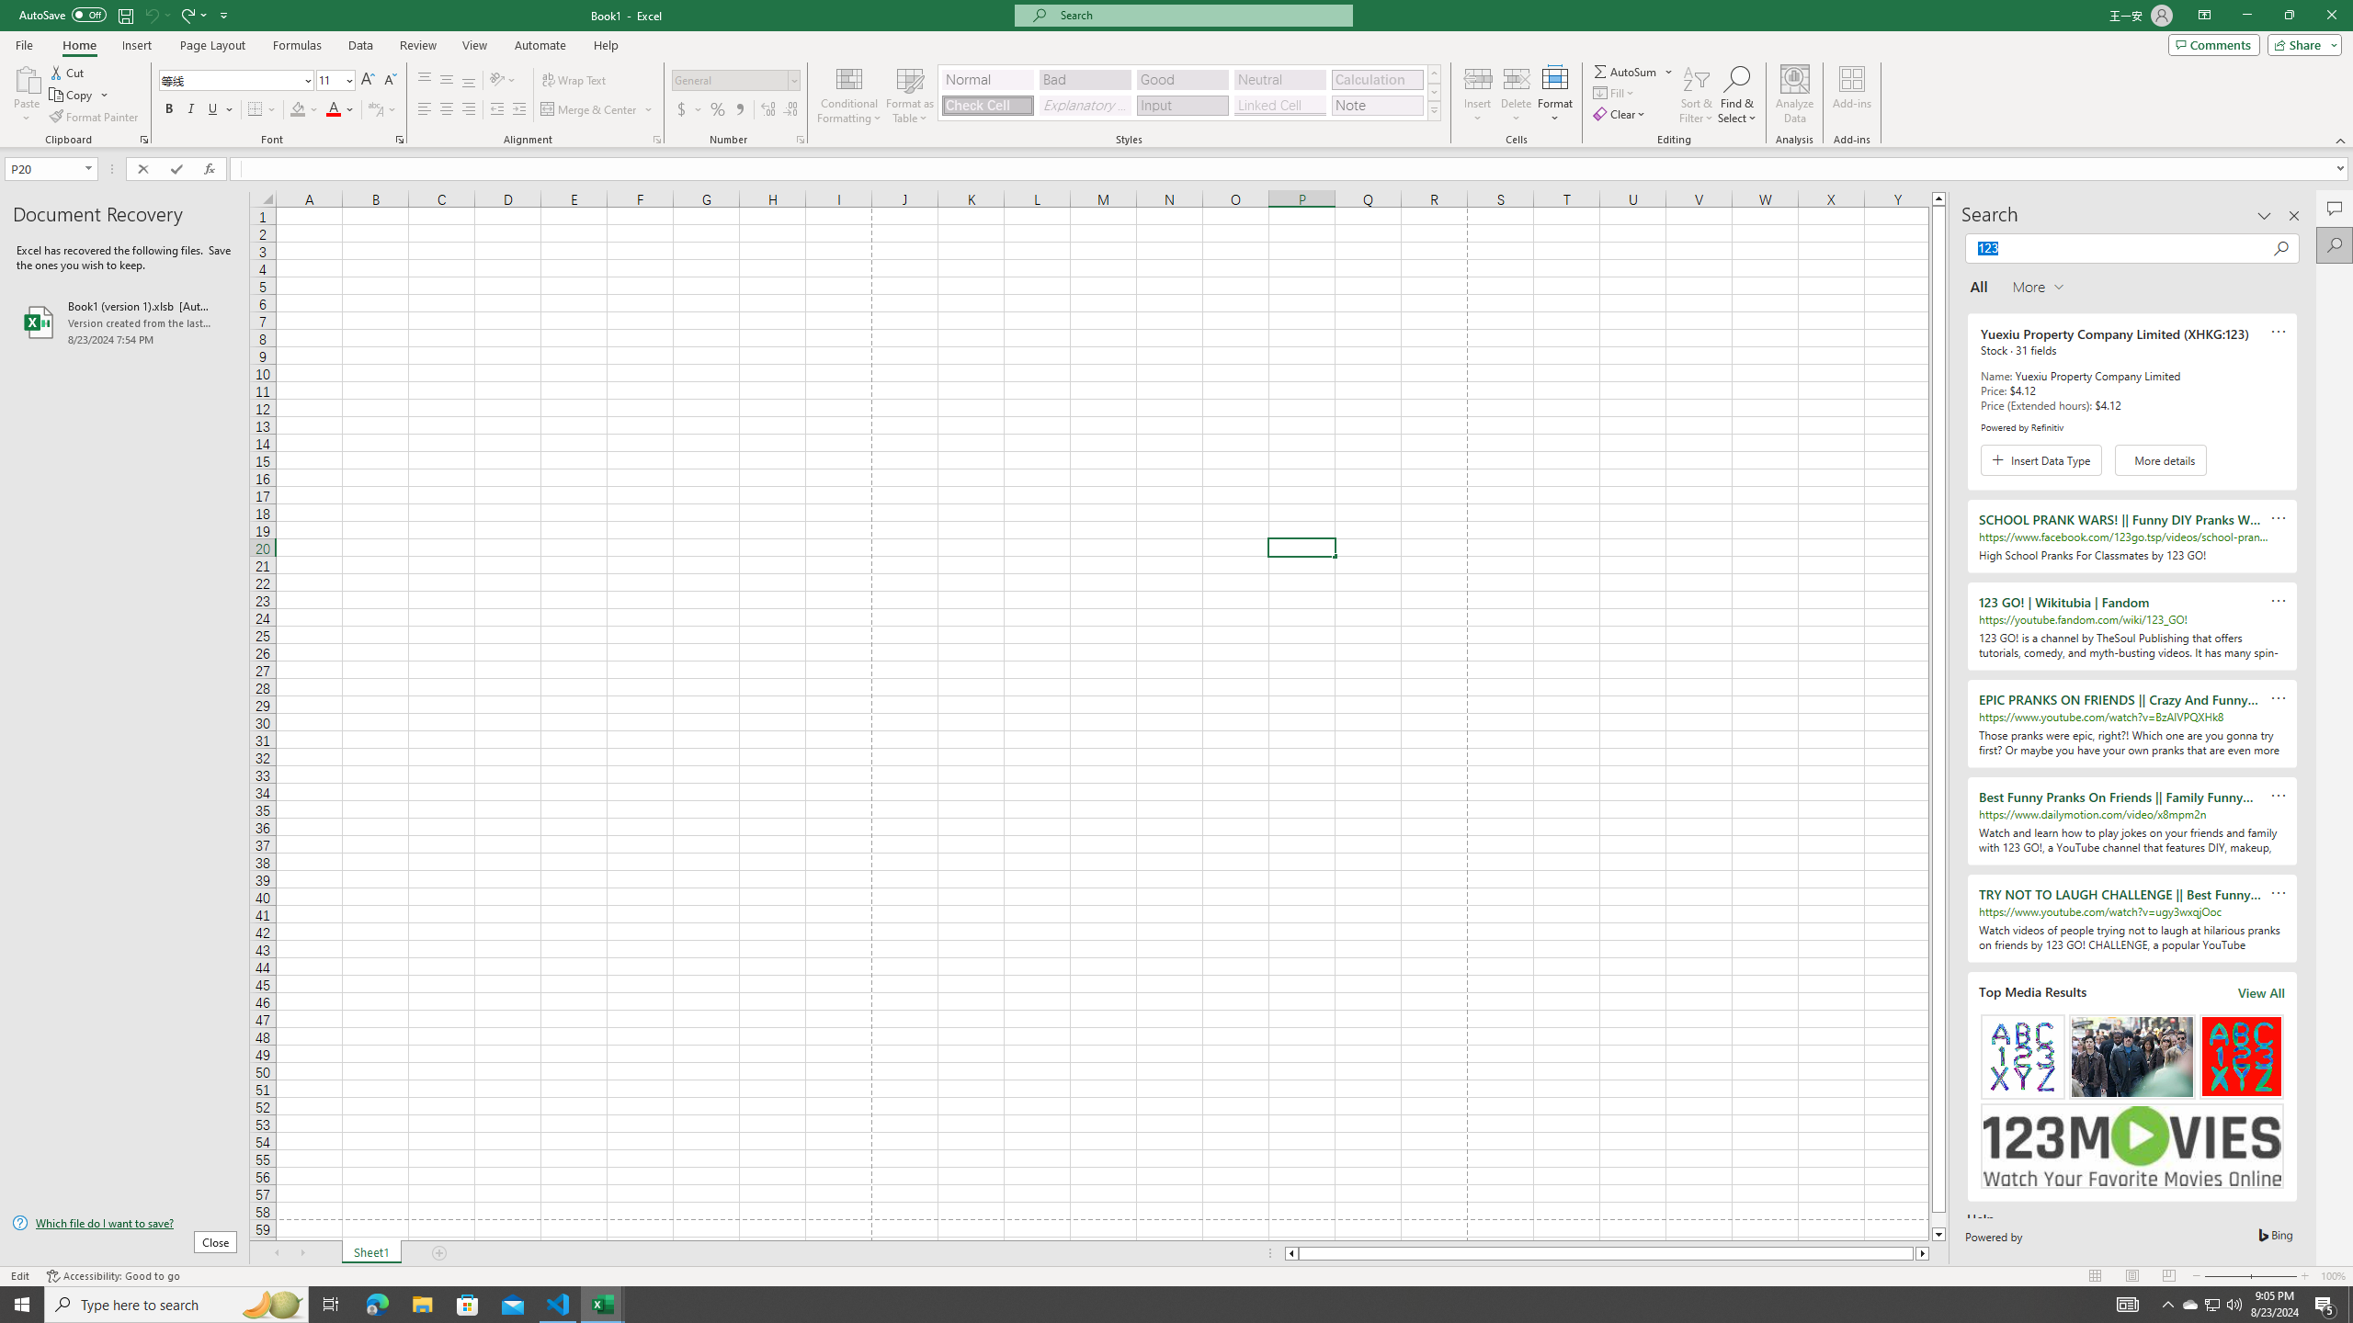  What do you see at coordinates (1922, 1252) in the screenshot?
I see `'Column right'` at bounding box center [1922, 1252].